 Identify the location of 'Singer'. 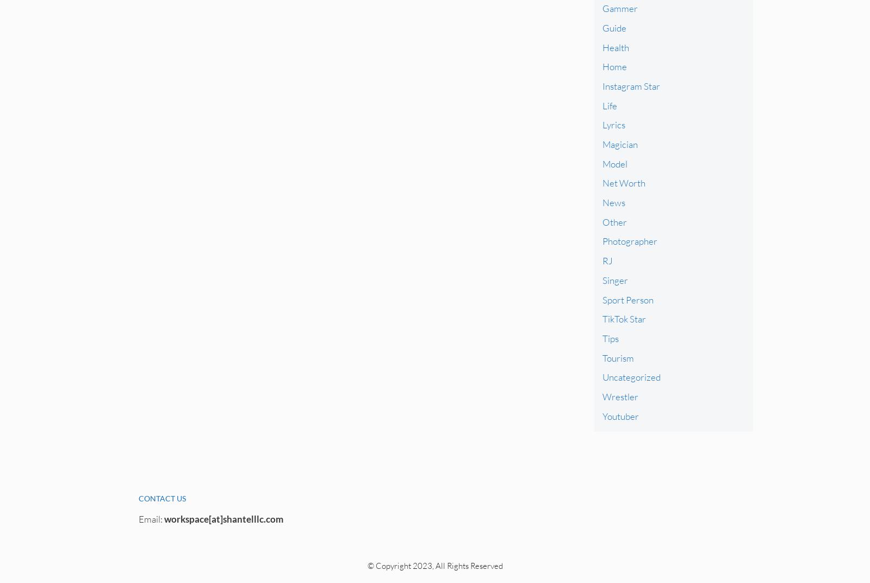
(602, 280).